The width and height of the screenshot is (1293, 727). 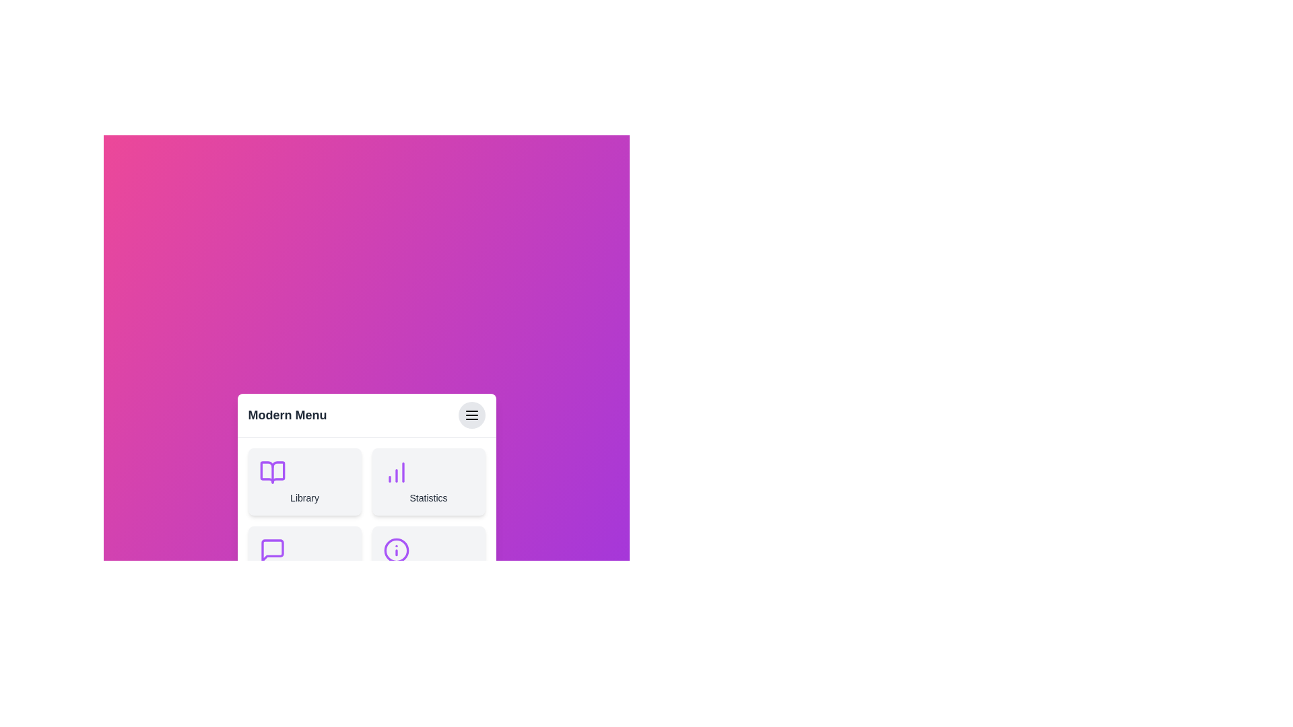 I want to click on the menu item Statistics to observe its hover effect, so click(x=428, y=481).